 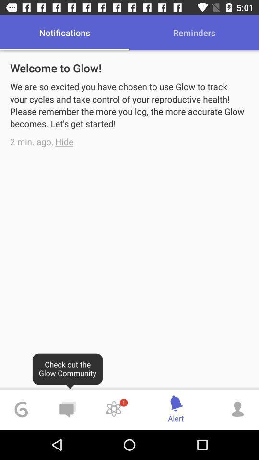 I want to click on the hide, so click(x=64, y=141).